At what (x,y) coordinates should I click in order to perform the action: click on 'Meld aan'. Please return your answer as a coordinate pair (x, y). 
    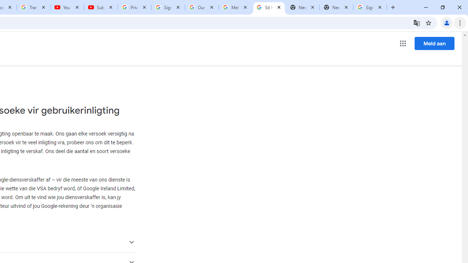
    Looking at the image, I should click on (434, 43).